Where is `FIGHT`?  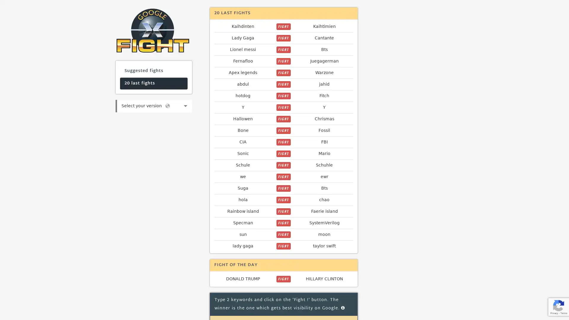 FIGHT is located at coordinates (283, 188).